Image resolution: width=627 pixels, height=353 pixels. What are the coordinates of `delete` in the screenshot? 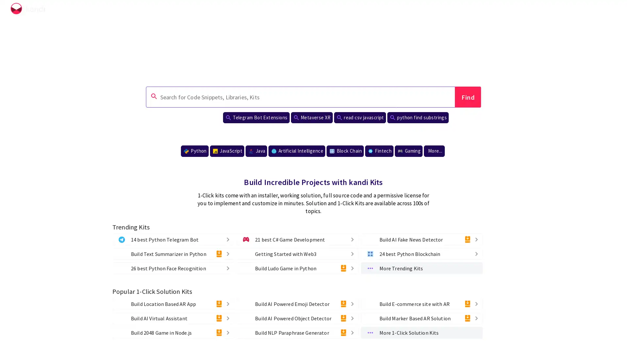 It's located at (346, 239).